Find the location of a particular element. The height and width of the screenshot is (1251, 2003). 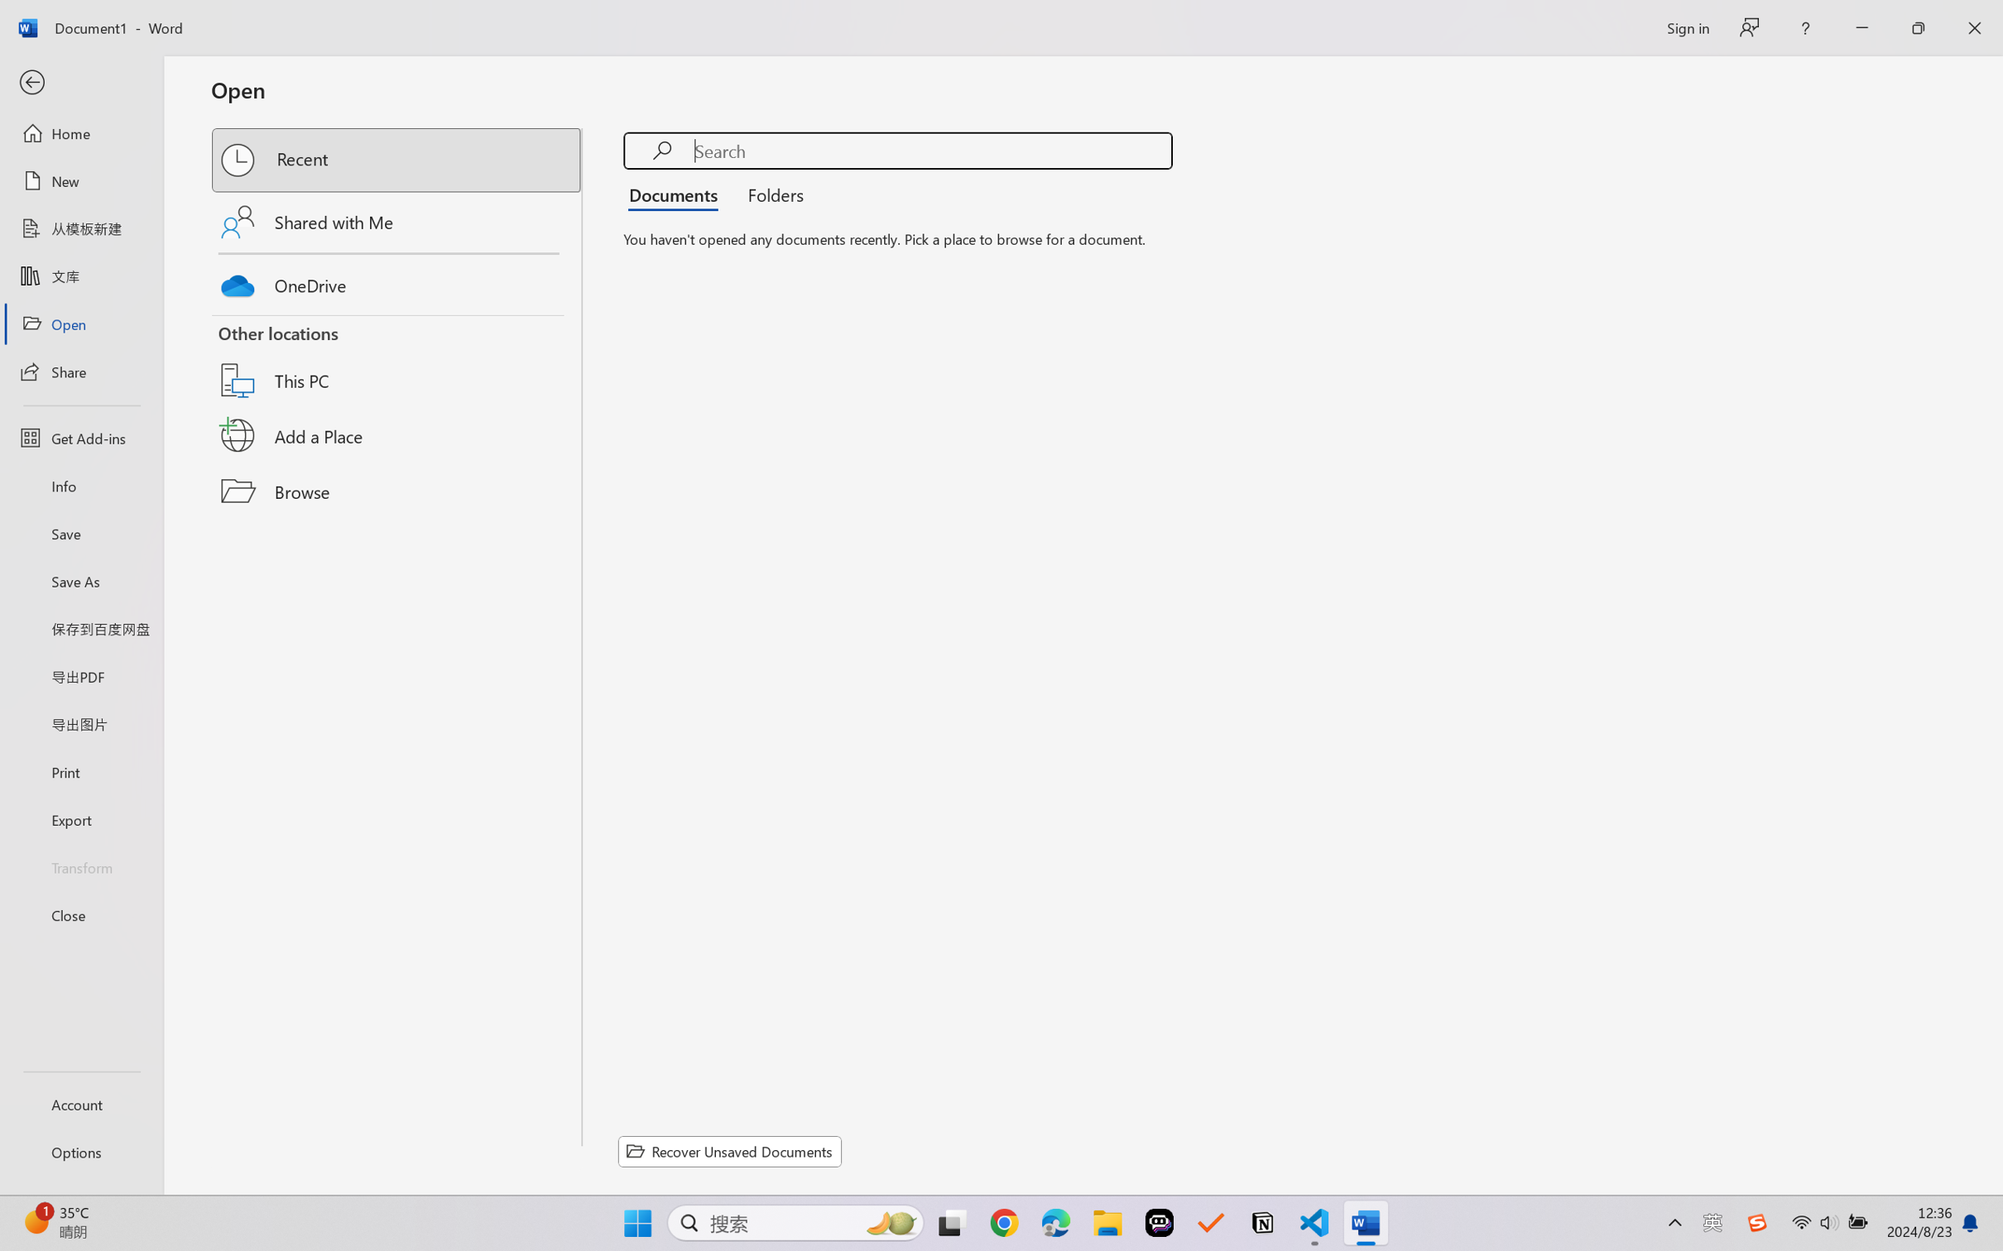

'Save As' is located at coordinates (80, 581).